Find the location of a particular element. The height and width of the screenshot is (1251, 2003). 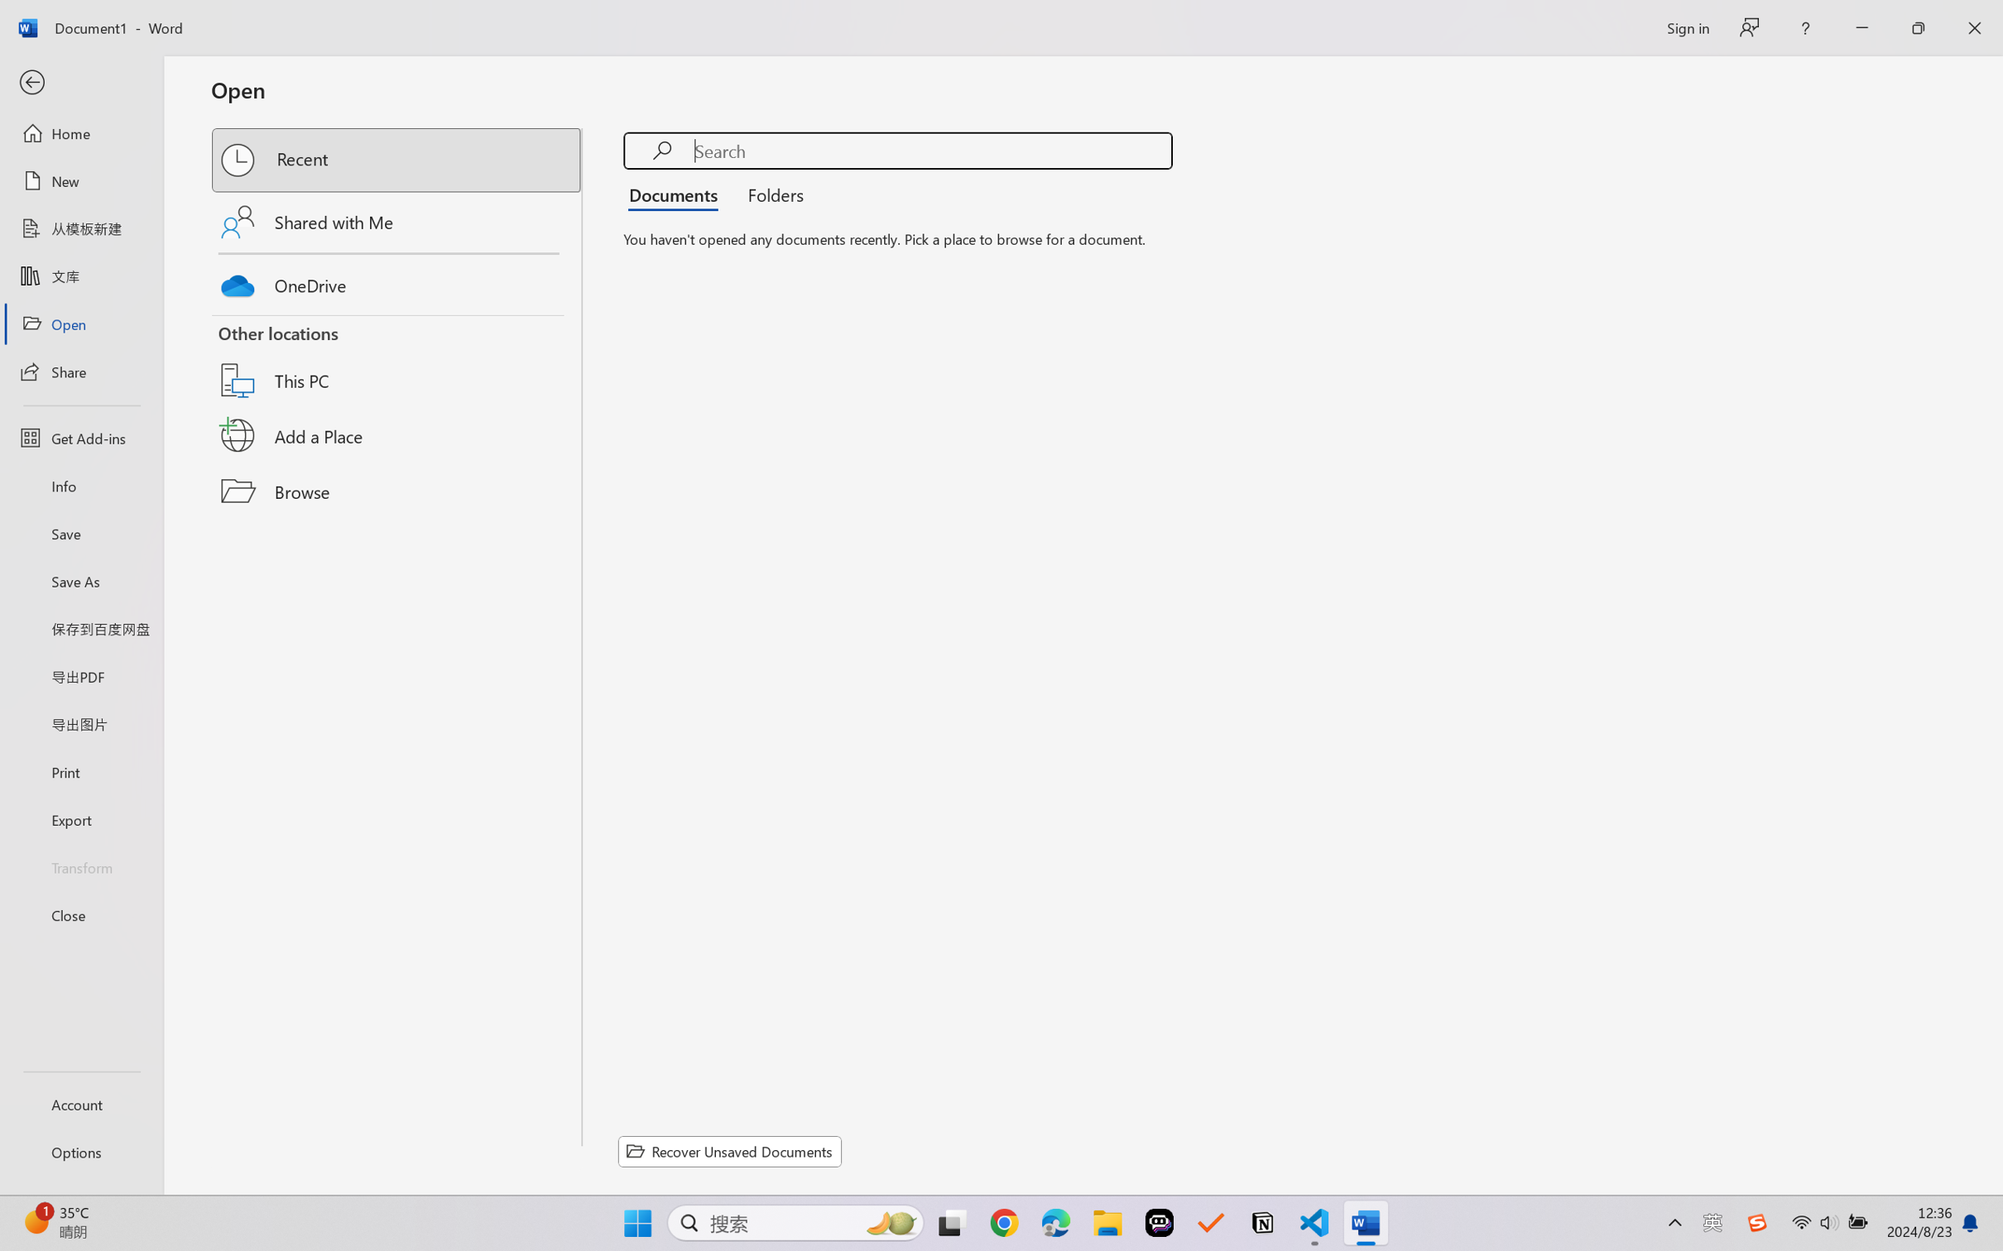

'Save As' is located at coordinates (80, 581).